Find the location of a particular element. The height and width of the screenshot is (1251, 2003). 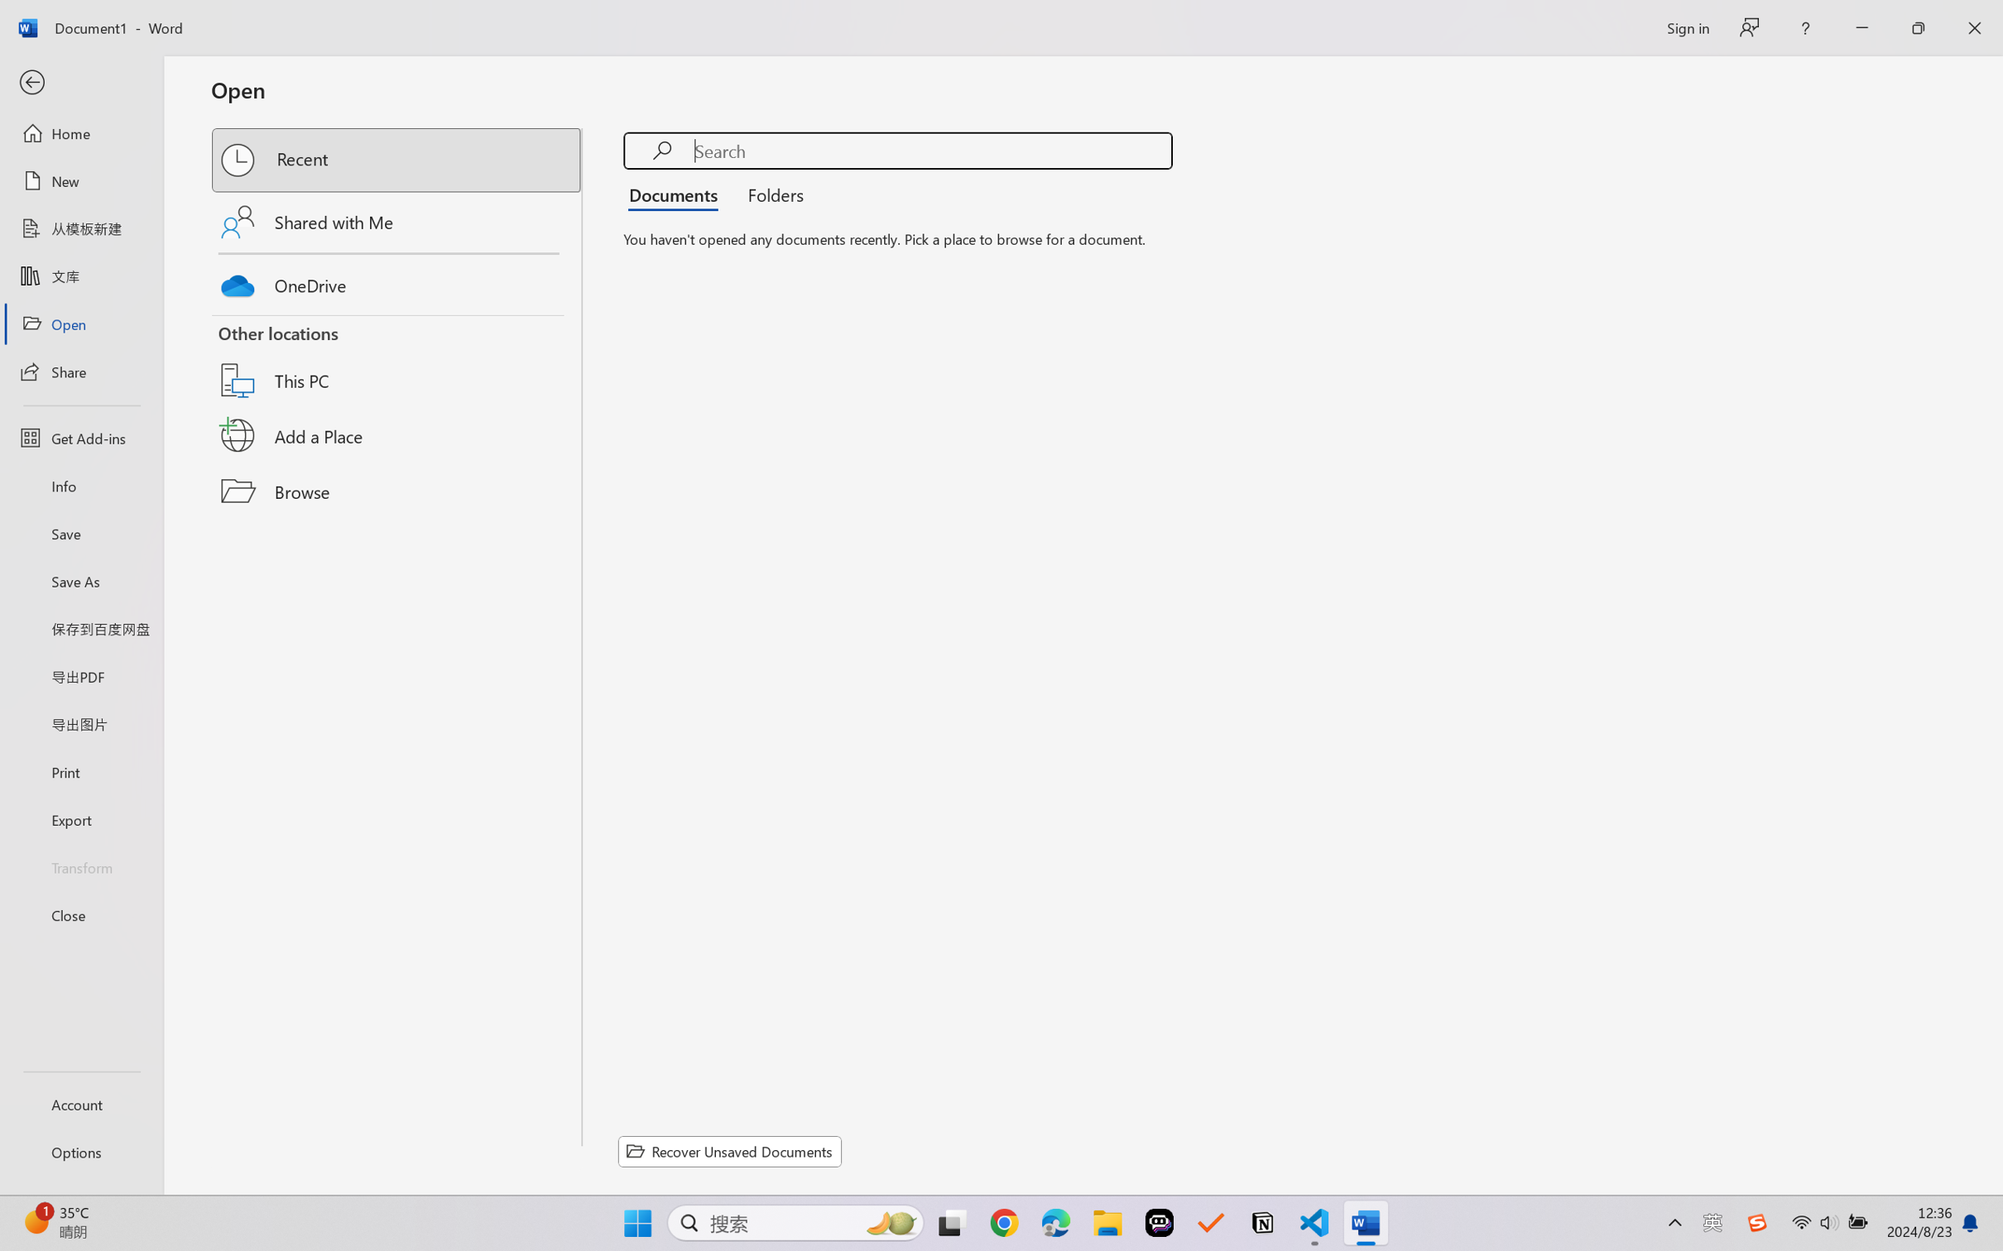

'Save As' is located at coordinates (80, 581).